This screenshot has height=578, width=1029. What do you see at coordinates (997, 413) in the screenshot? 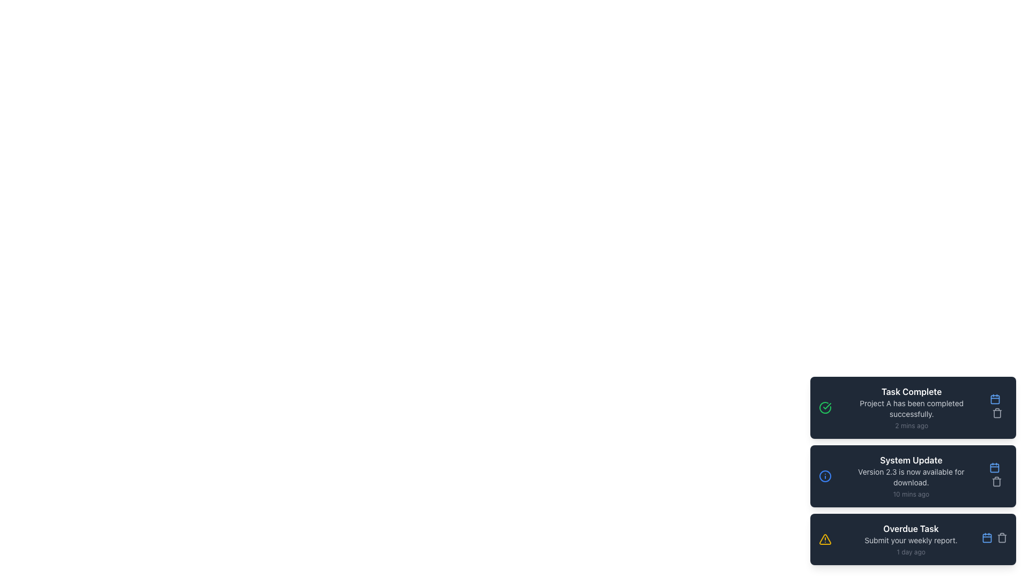
I see `the red rectangular button with rounded corners featuring a trash can icon, located on the far-right edge of the 'Task Complete' notification section` at bounding box center [997, 413].